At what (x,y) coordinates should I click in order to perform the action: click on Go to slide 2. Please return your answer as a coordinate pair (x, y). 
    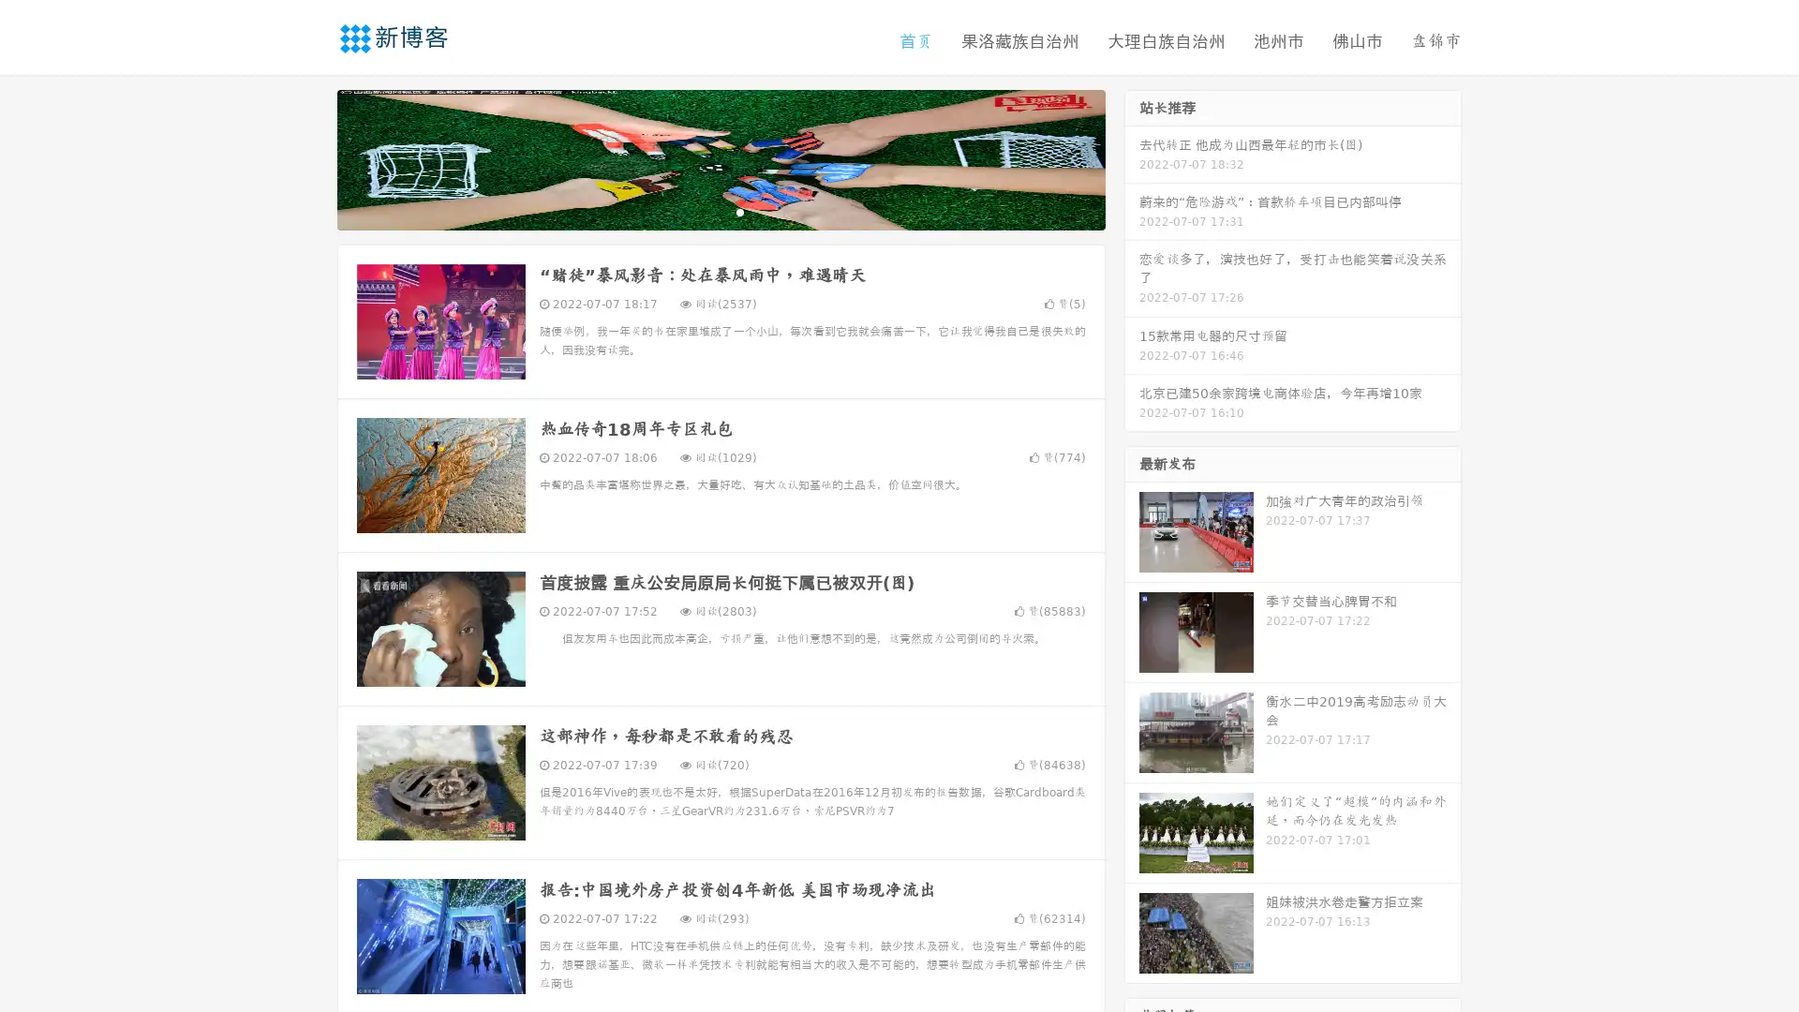
    Looking at the image, I should click on (720, 211).